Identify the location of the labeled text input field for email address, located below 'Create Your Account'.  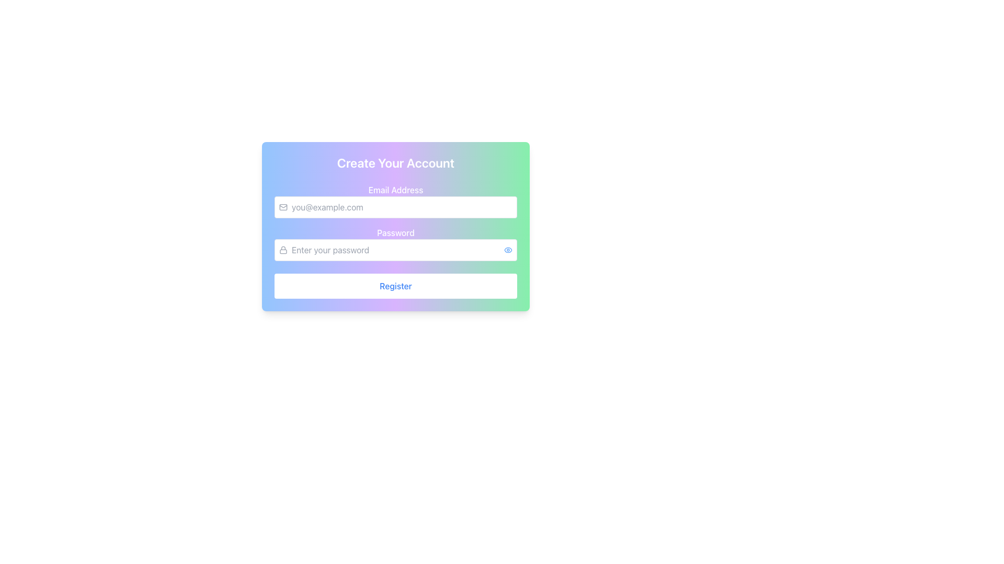
(395, 201).